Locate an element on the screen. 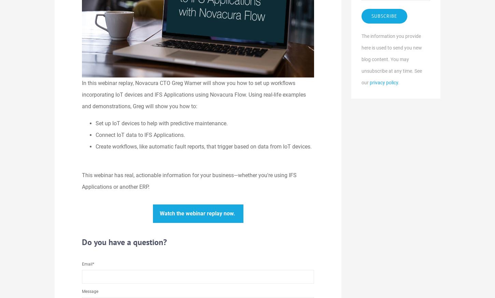 The height and width of the screenshot is (298, 495). 'Create workflows, like automatic fault reports, that trigger based on data from IoT devices.' is located at coordinates (203, 146).